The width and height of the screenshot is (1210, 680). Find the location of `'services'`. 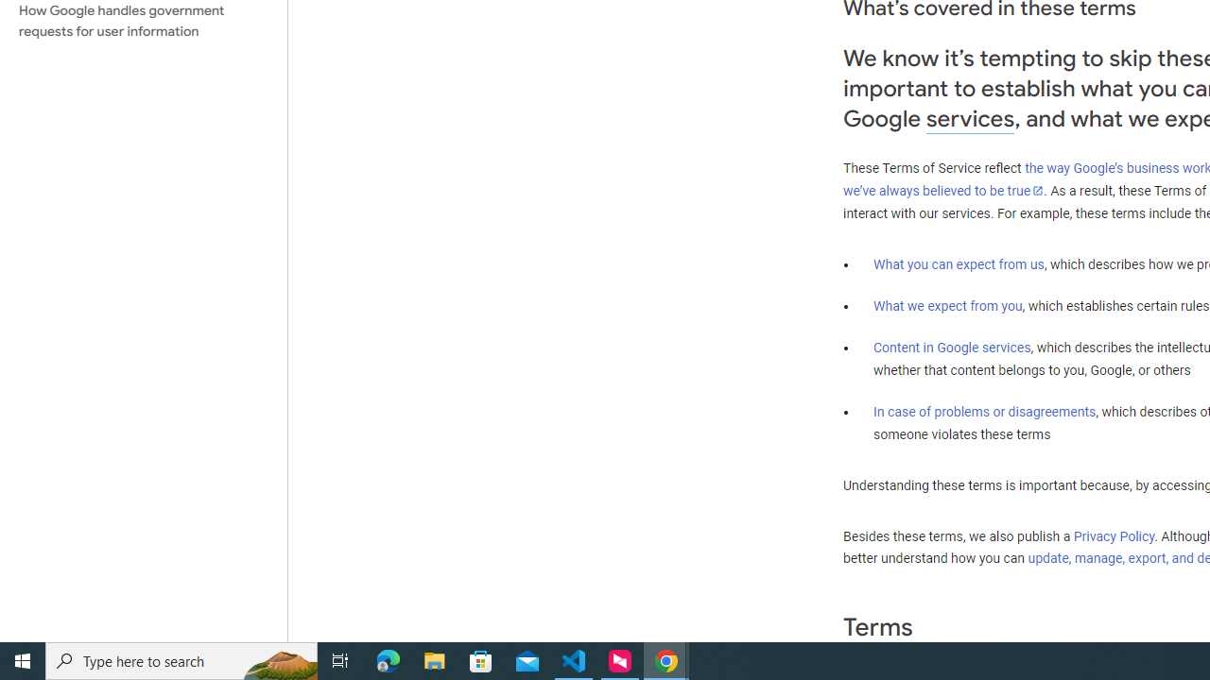

'services' is located at coordinates (970, 118).